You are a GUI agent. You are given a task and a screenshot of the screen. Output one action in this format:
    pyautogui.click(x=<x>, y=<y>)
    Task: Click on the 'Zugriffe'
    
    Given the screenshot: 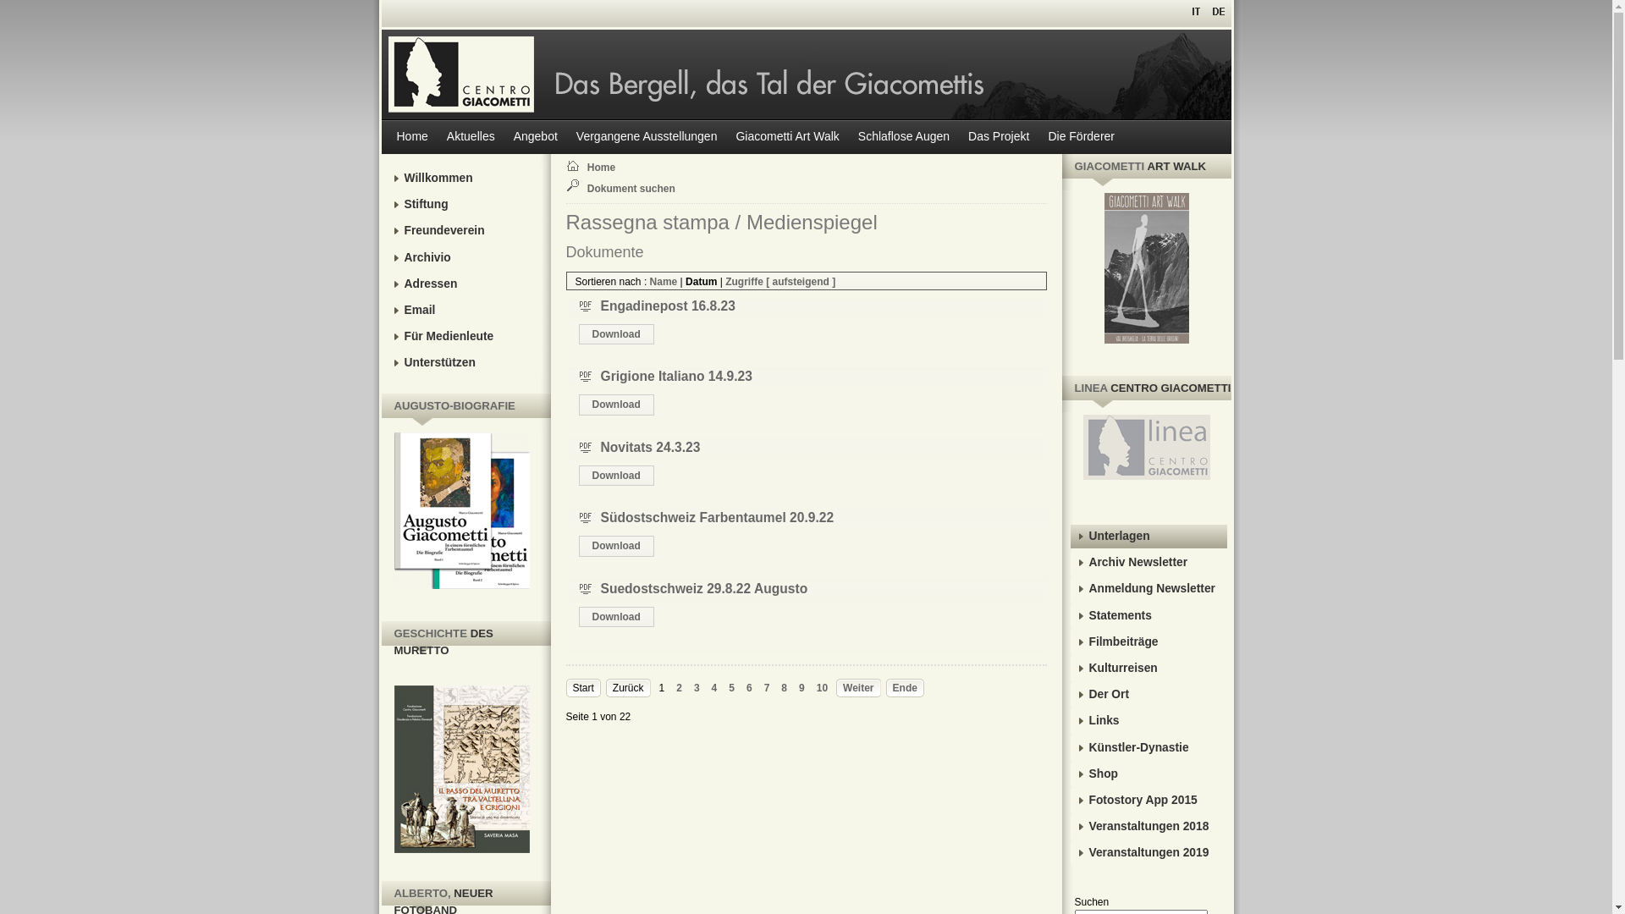 What is the action you would take?
    pyautogui.click(x=744, y=280)
    